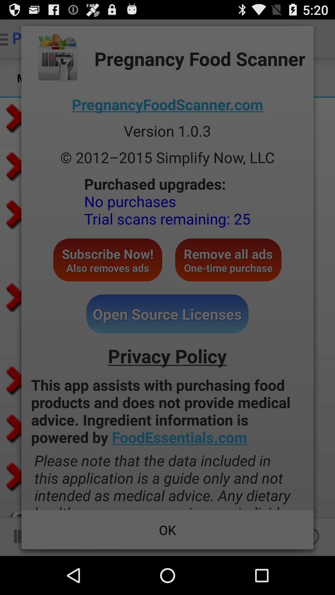 This screenshot has height=595, width=335. I want to click on the button below the open source licenses item, so click(167, 356).